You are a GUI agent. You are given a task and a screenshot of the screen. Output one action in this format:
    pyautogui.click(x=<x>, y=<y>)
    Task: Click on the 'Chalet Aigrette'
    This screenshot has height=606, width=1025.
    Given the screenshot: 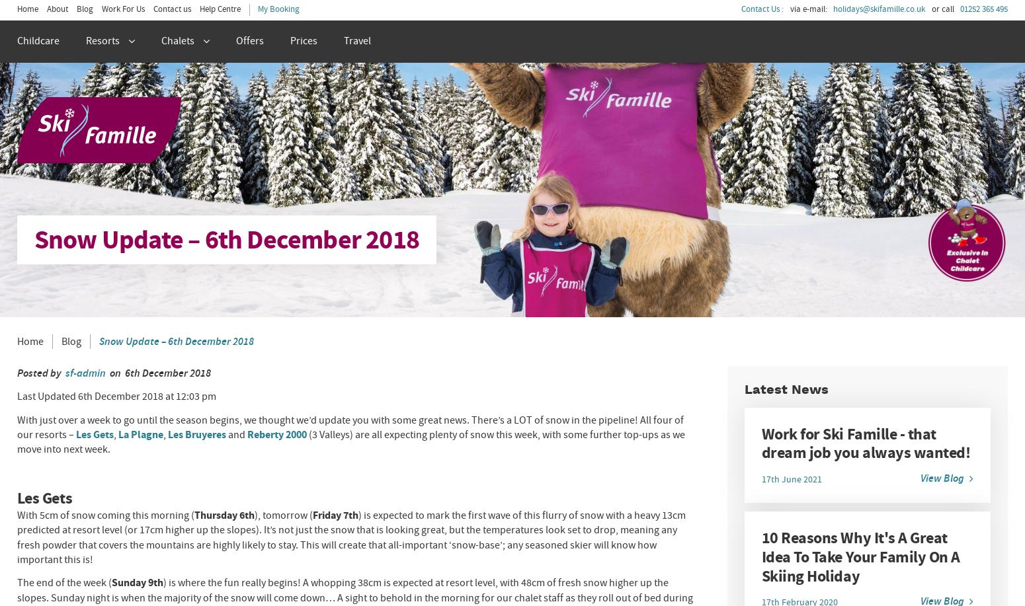 What is the action you would take?
    pyautogui.click(x=56, y=184)
    